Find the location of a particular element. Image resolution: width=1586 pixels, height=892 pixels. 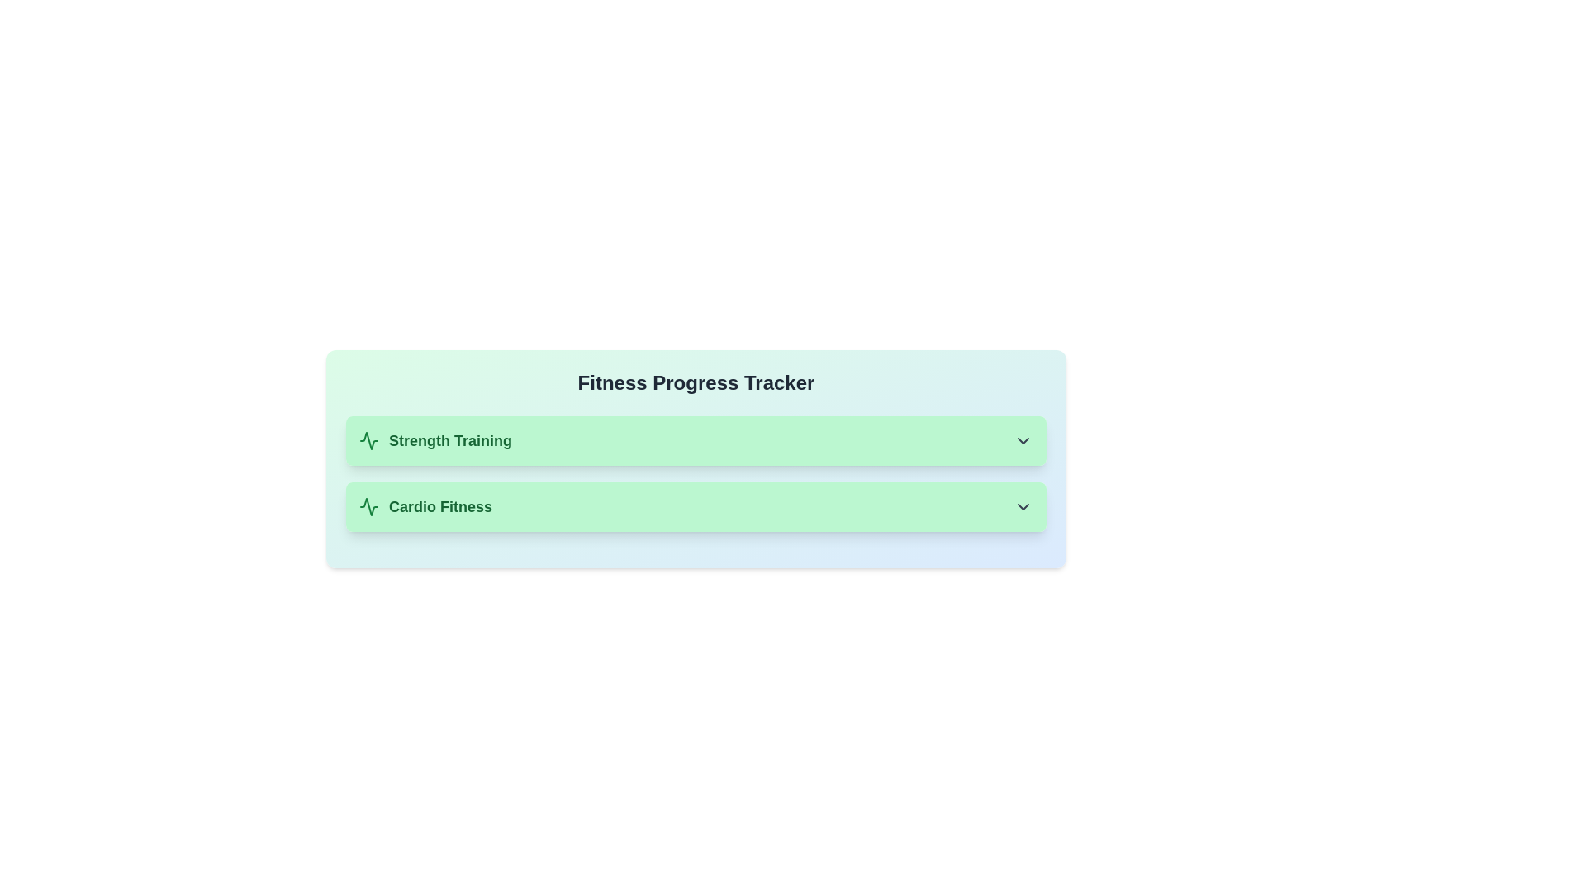

the green stroke icon of a waveform pattern located to the far left of the 'Strength Training' section, which is the first icon in the row is located at coordinates (368, 505).